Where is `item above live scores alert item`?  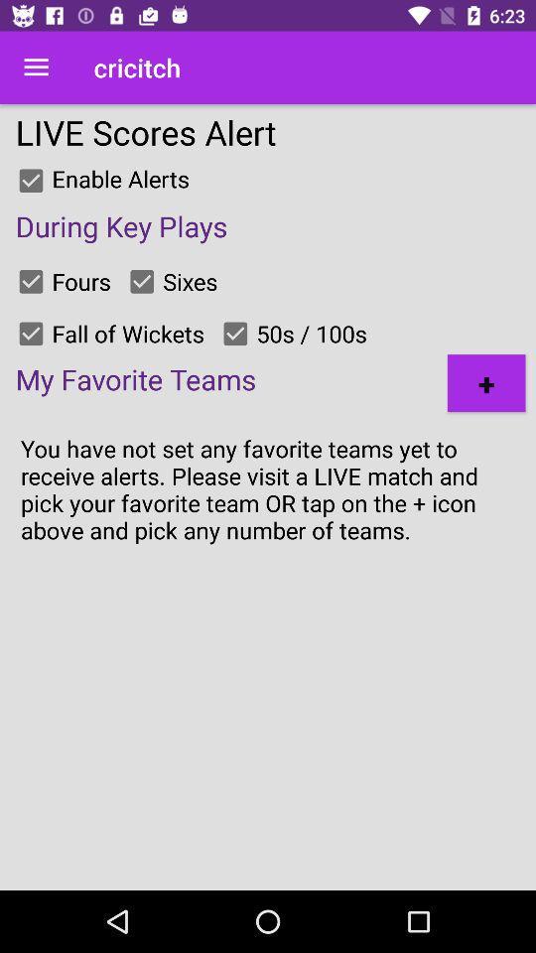
item above live scores alert item is located at coordinates (36, 68).